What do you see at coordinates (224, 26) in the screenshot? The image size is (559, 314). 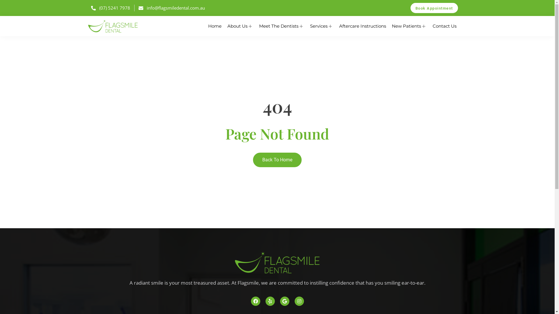 I see `'About Us'` at bounding box center [224, 26].